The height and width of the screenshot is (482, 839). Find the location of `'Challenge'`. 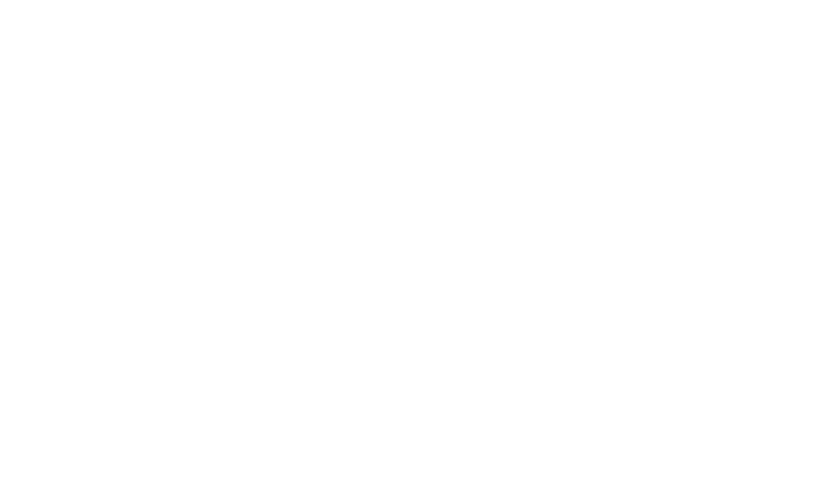

'Challenge' is located at coordinates (31, 169).